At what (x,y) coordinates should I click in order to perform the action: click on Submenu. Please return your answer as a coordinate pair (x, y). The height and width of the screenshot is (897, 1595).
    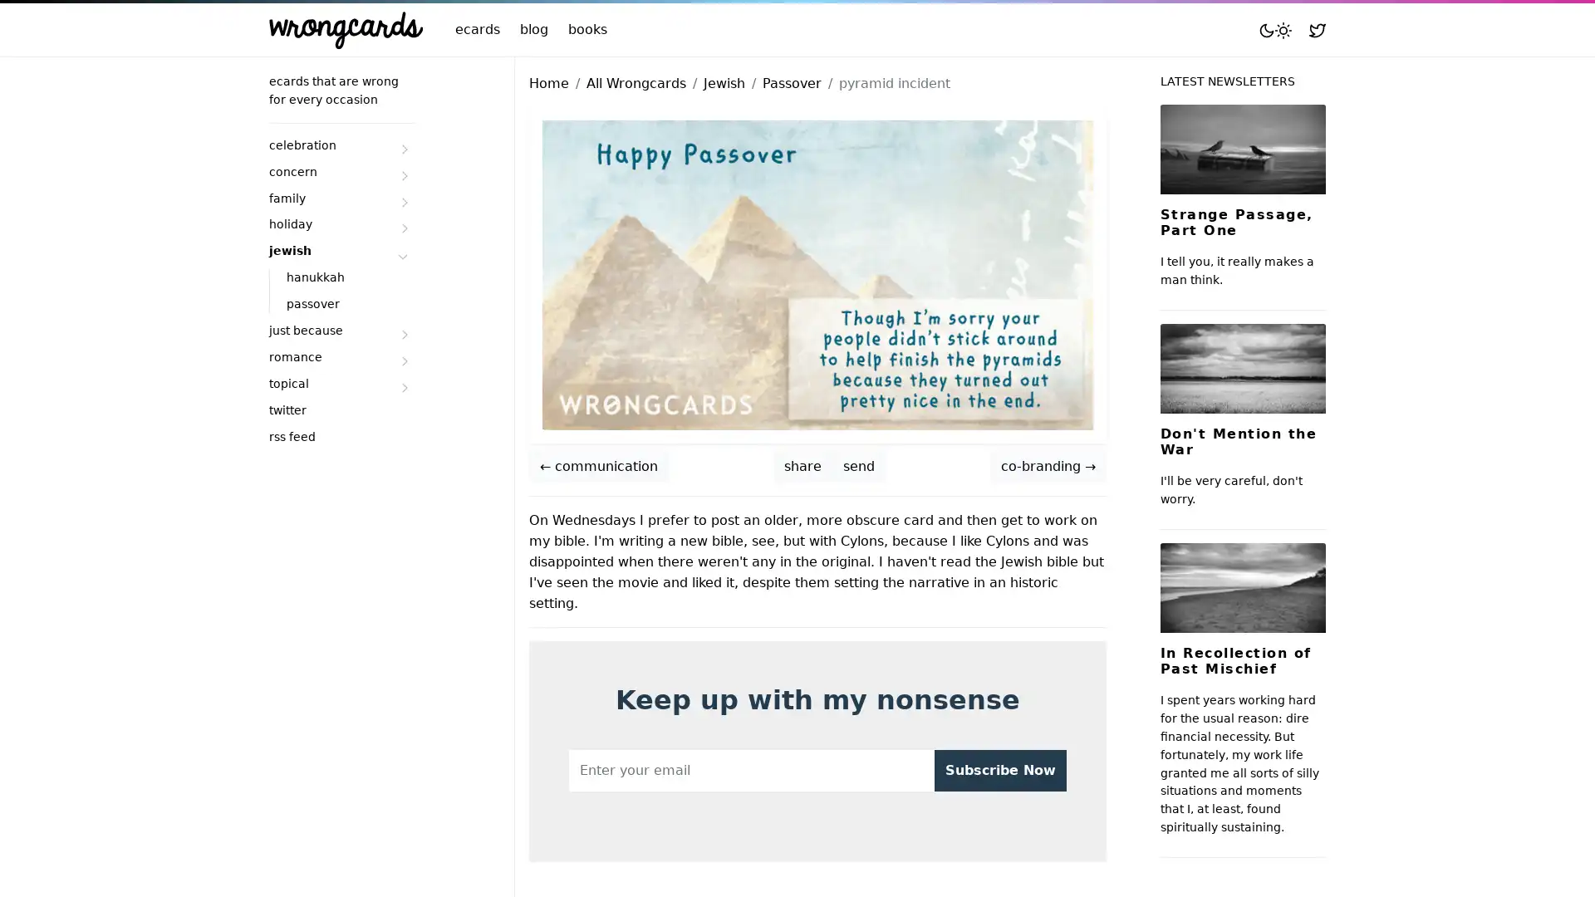
    Looking at the image, I should click on (402, 228).